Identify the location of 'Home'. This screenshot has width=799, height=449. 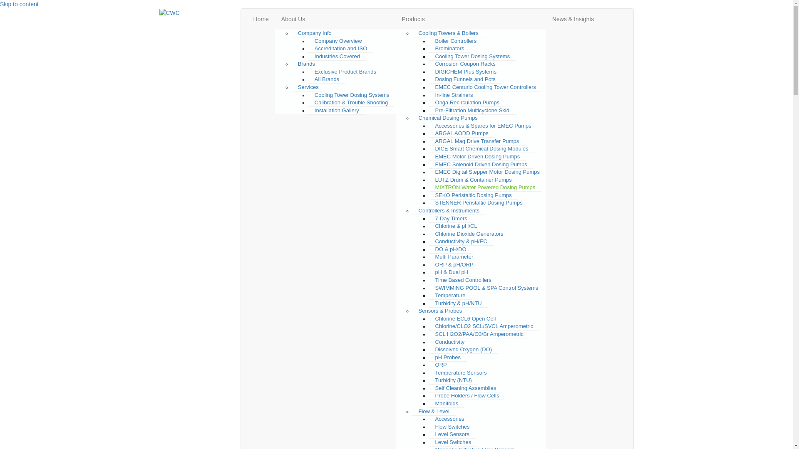
(261, 19).